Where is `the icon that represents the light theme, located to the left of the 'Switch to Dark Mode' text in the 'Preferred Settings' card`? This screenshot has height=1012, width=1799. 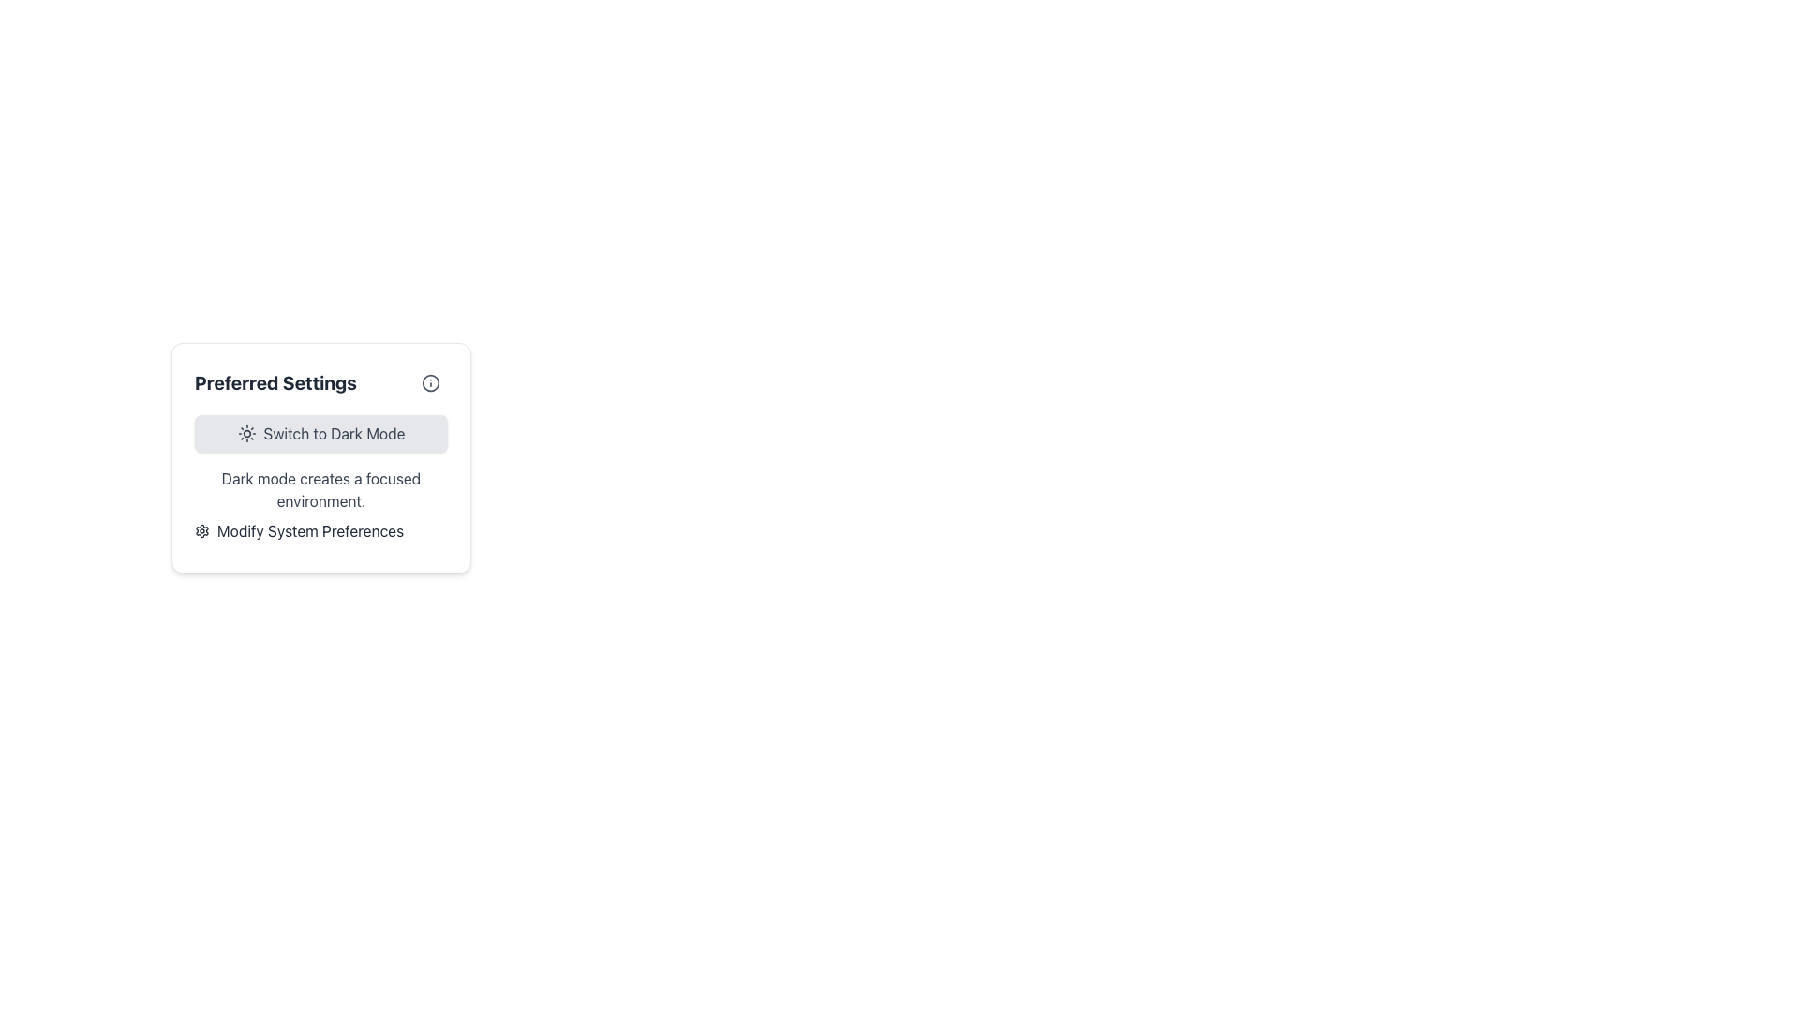
the icon that represents the light theme, located to the left of the 'Switch to Dark Mode' text in the 'Preferred Settings' card is located at coordinates (245, 433).